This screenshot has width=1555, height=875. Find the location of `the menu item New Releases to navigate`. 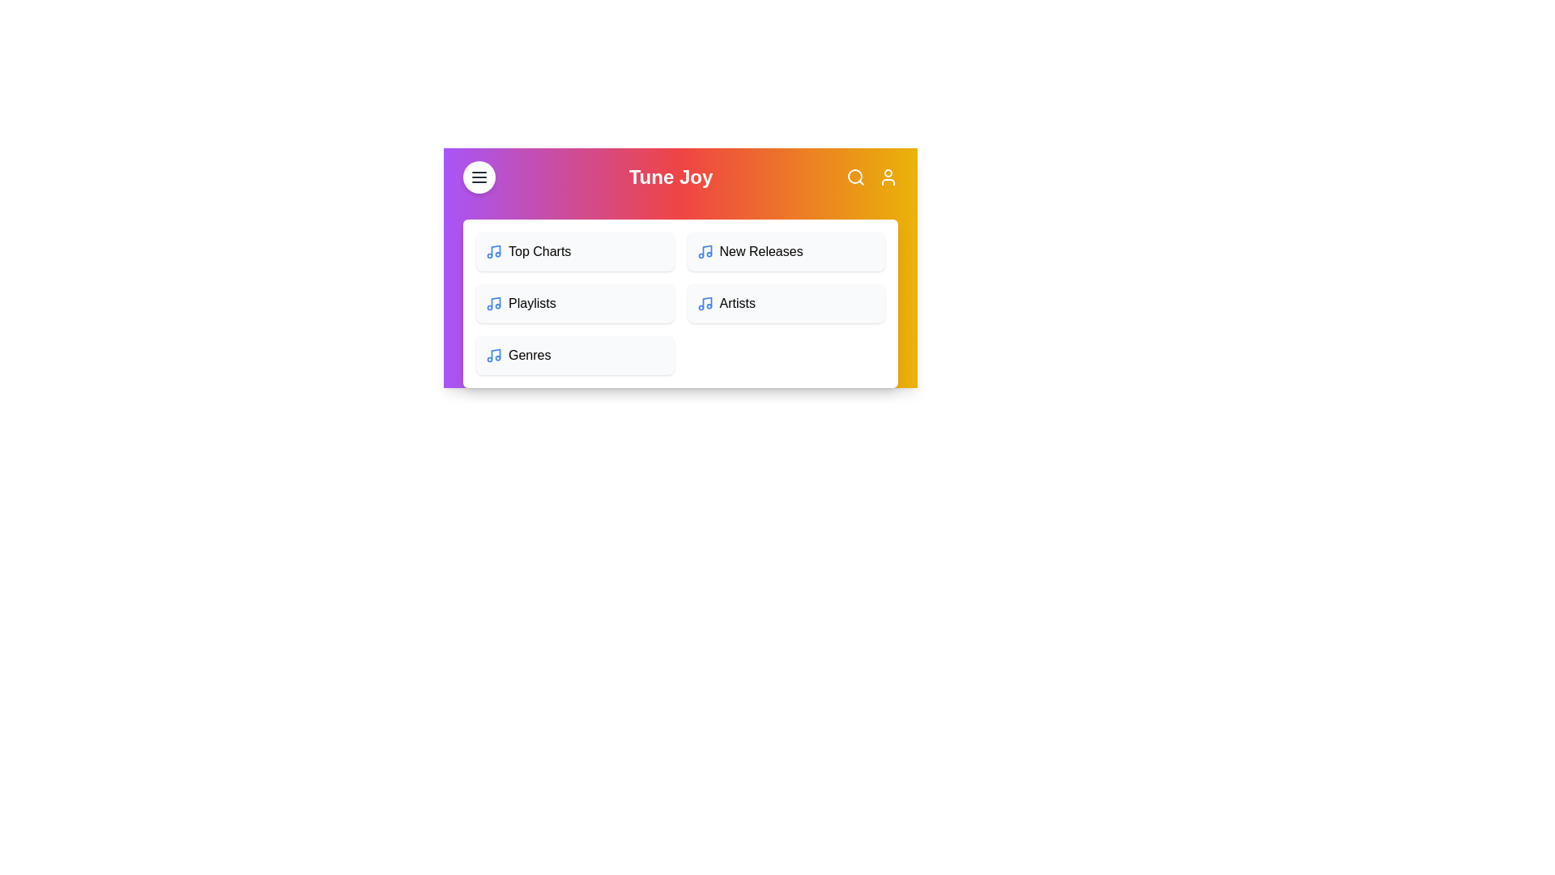

the menu item New Releases to navigate is located at coordinates (786, 252).